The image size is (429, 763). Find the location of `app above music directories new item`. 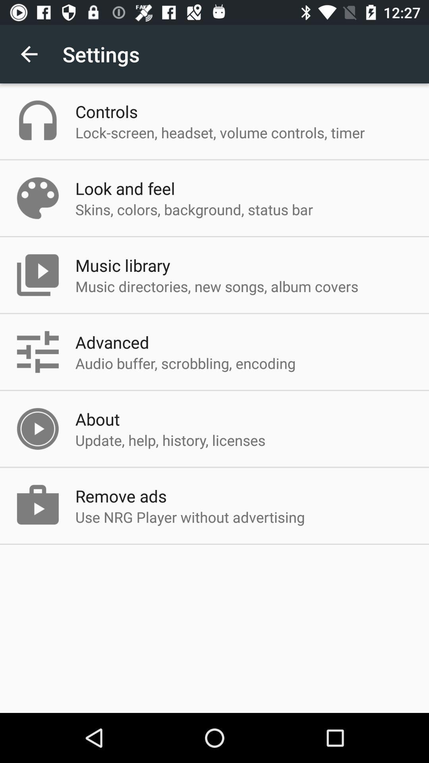

app above music directories new item is located at coordinates (123, 265).